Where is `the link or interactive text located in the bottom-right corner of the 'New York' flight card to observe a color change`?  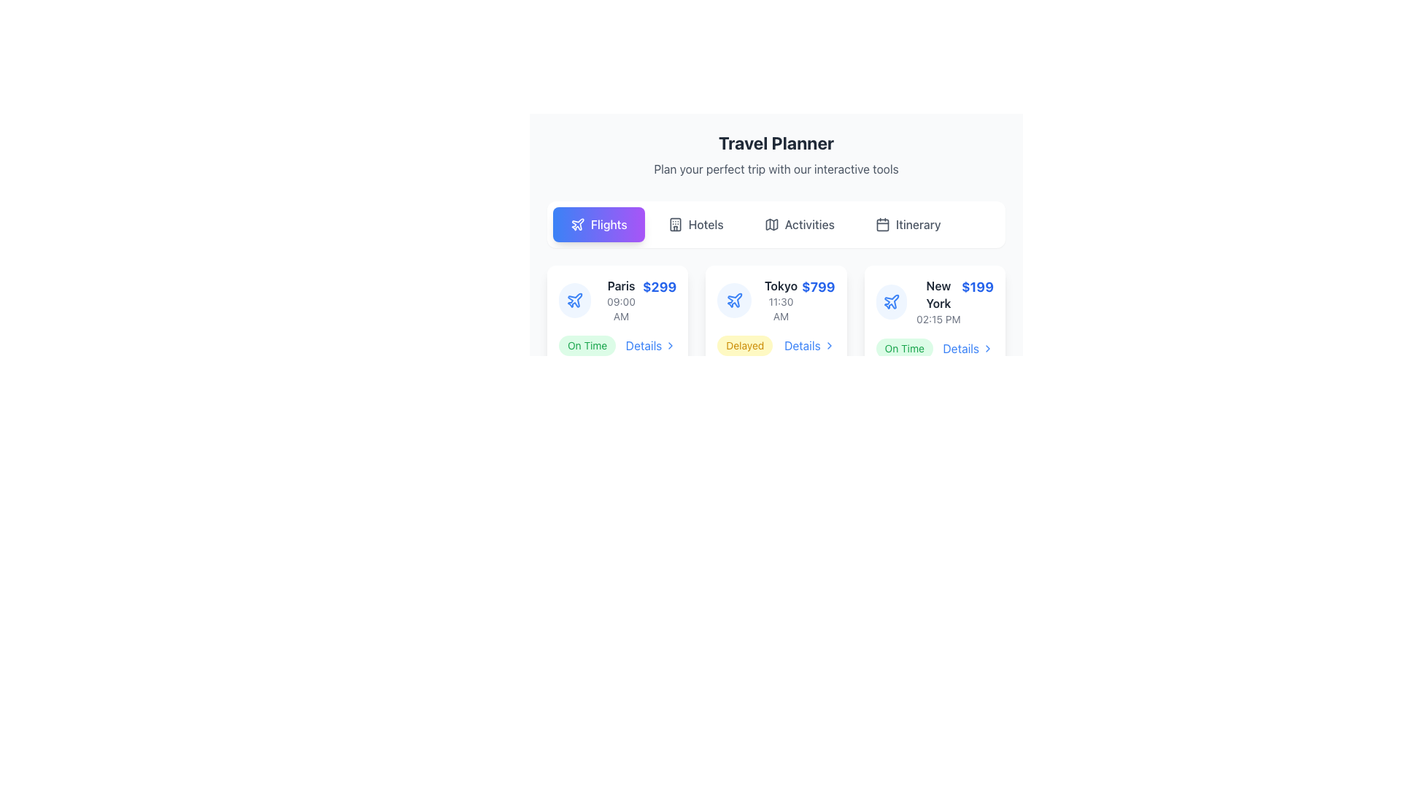 the link or interactive text located in the bottom-right corner of the 'New York' flight card to observe a color change is located at coordinates (968, 349).